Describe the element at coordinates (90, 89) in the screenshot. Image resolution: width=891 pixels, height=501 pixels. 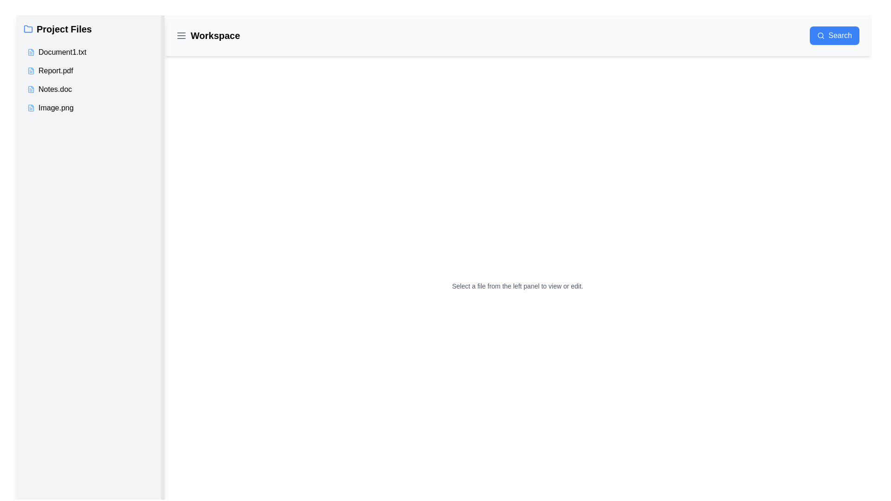
I see `the List item representing the file 'Notes.doc'` at that location.